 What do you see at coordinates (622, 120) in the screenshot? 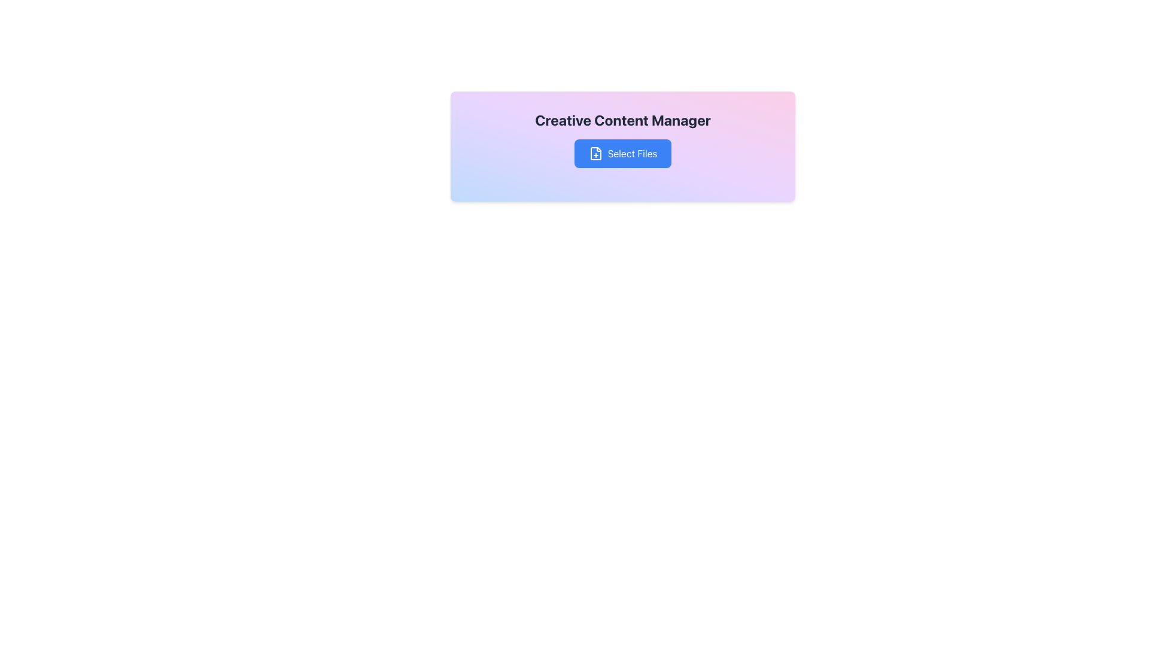
I see `the static text element that serves as a header or title for managing creative content, located above the 'Select Files' button` at bounding box center [622, 120].